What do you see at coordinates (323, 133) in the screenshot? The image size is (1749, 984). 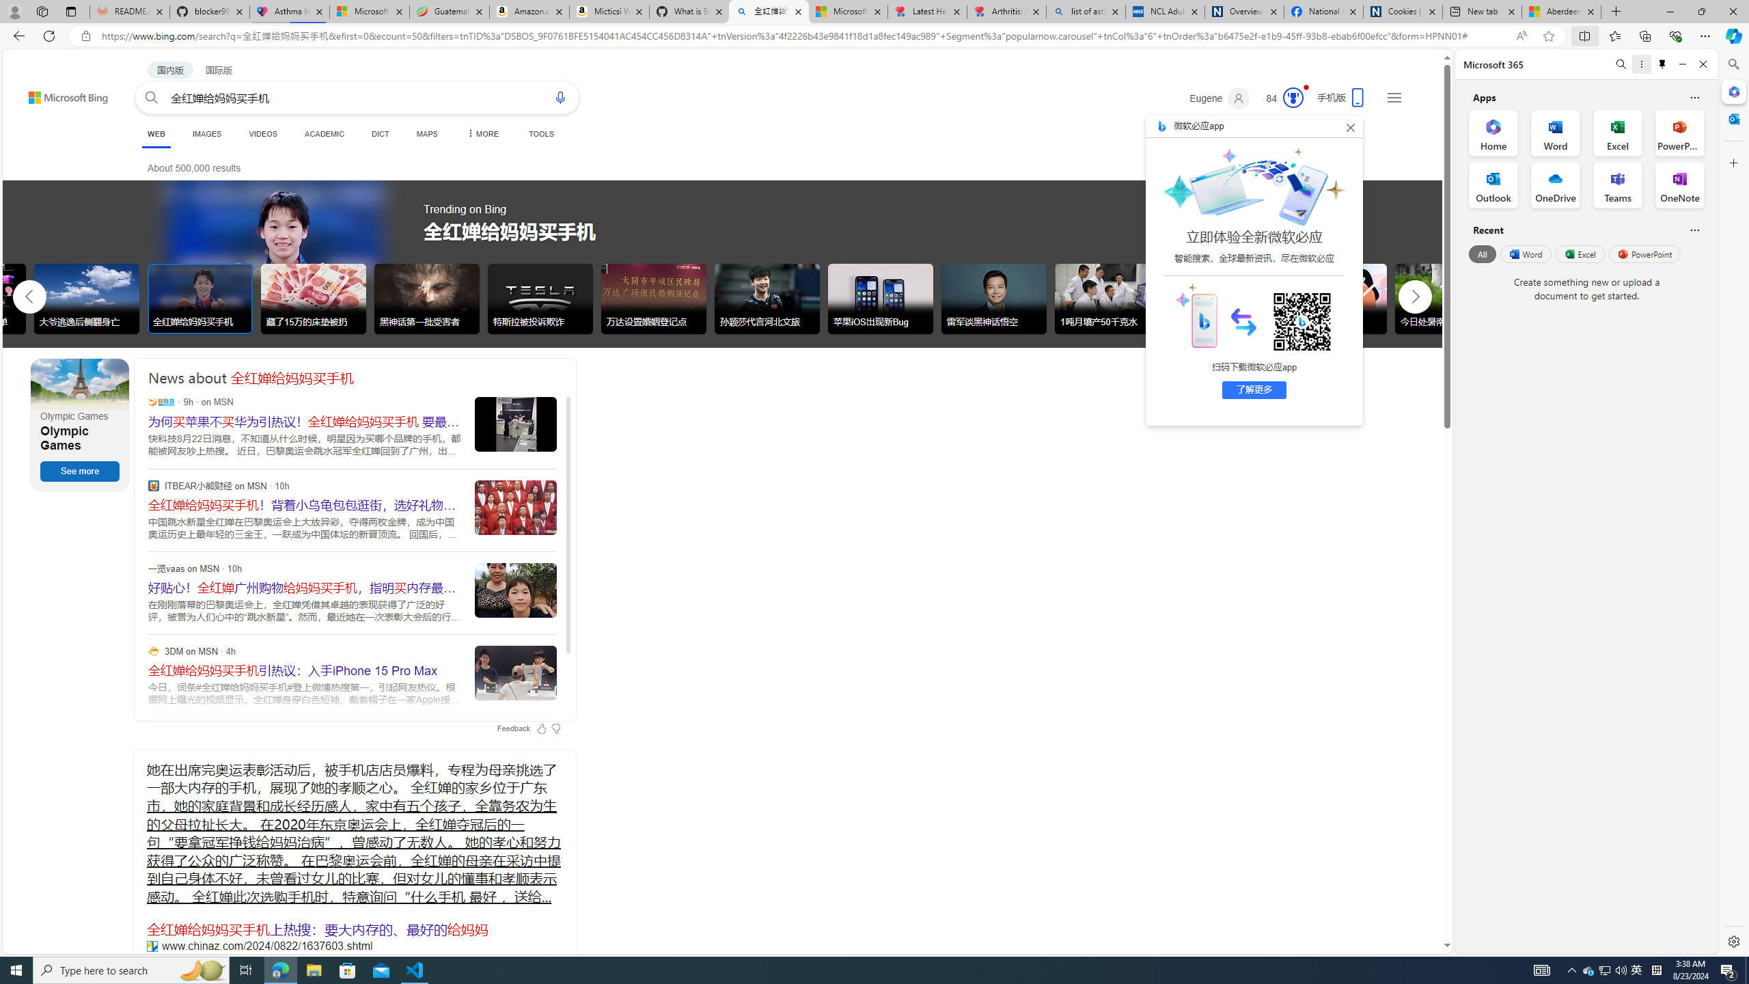 I see `'ACADEMIC'` at bounding box center [323, 133].